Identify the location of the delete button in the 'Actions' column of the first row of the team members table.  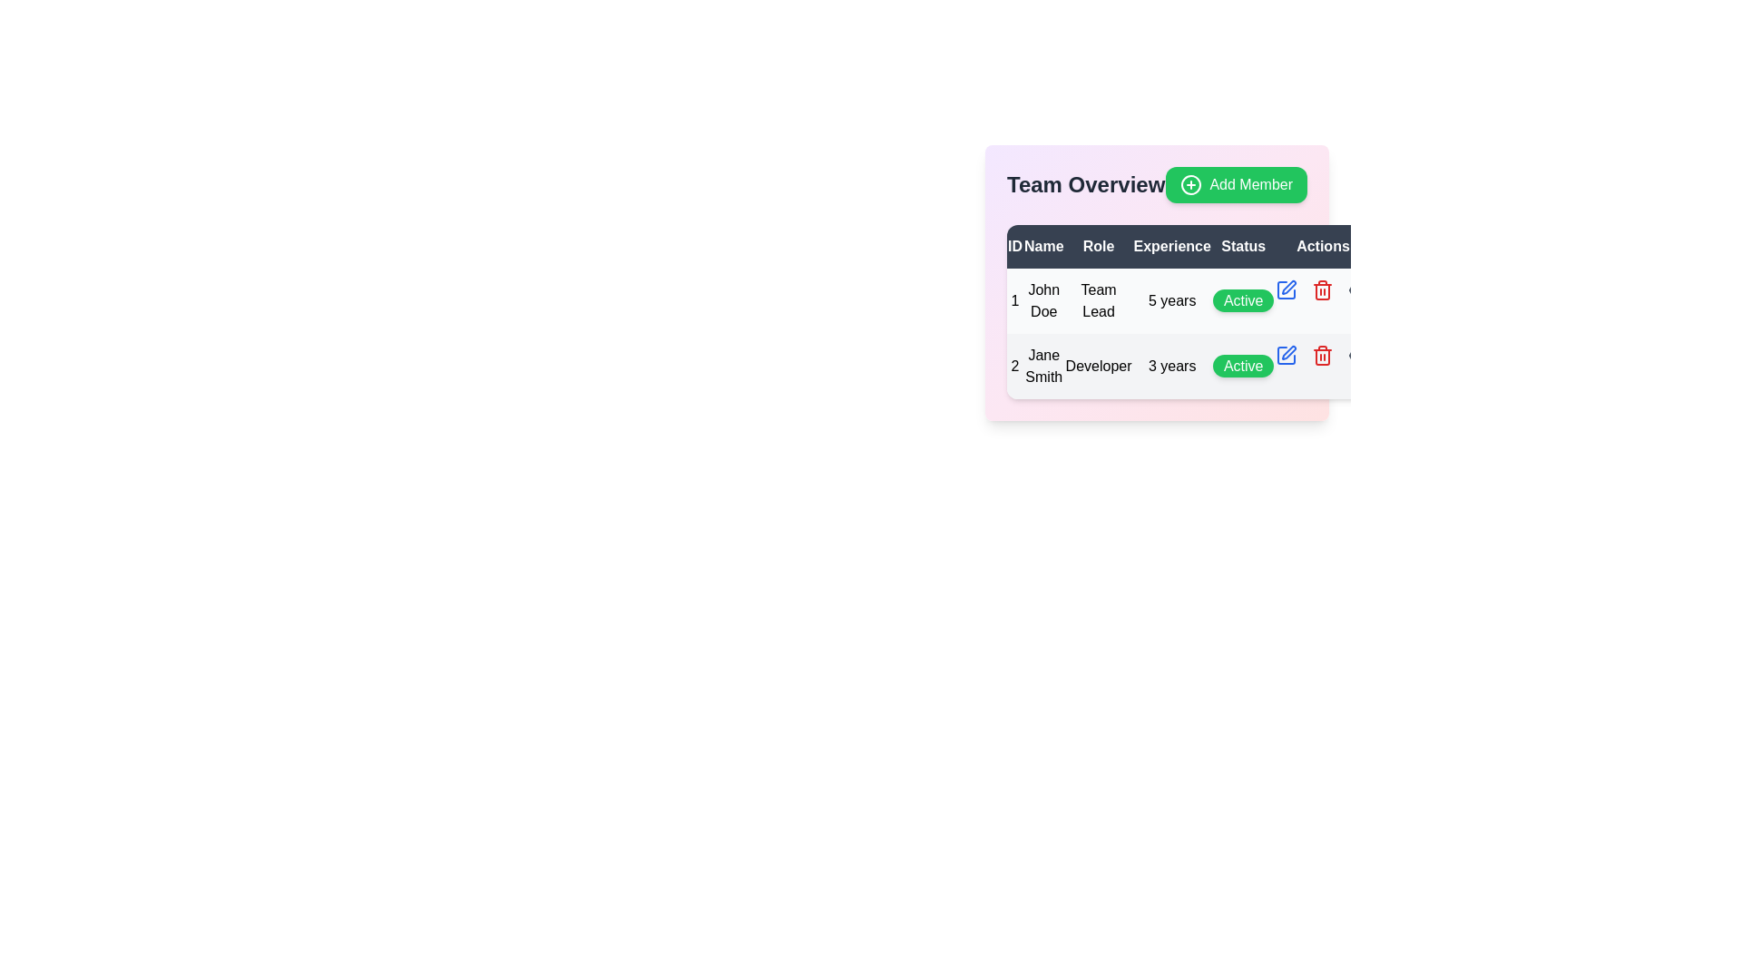
(1323, 289).